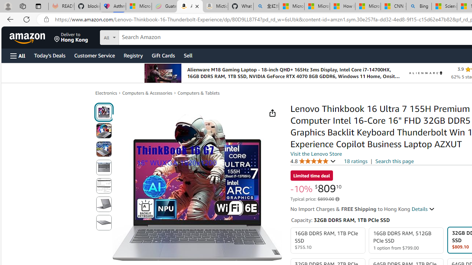  Describe the element at coordinates (112, 6) in the screenshot. I see `'Asthma Inhalers: Names and Types'` at that location.